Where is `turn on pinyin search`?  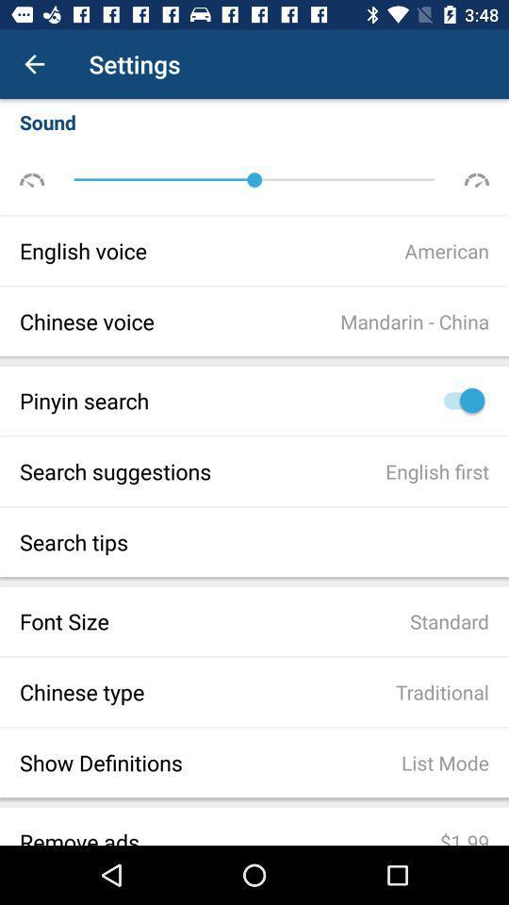 turn on pinyin search is located at coordinates (458, 401).